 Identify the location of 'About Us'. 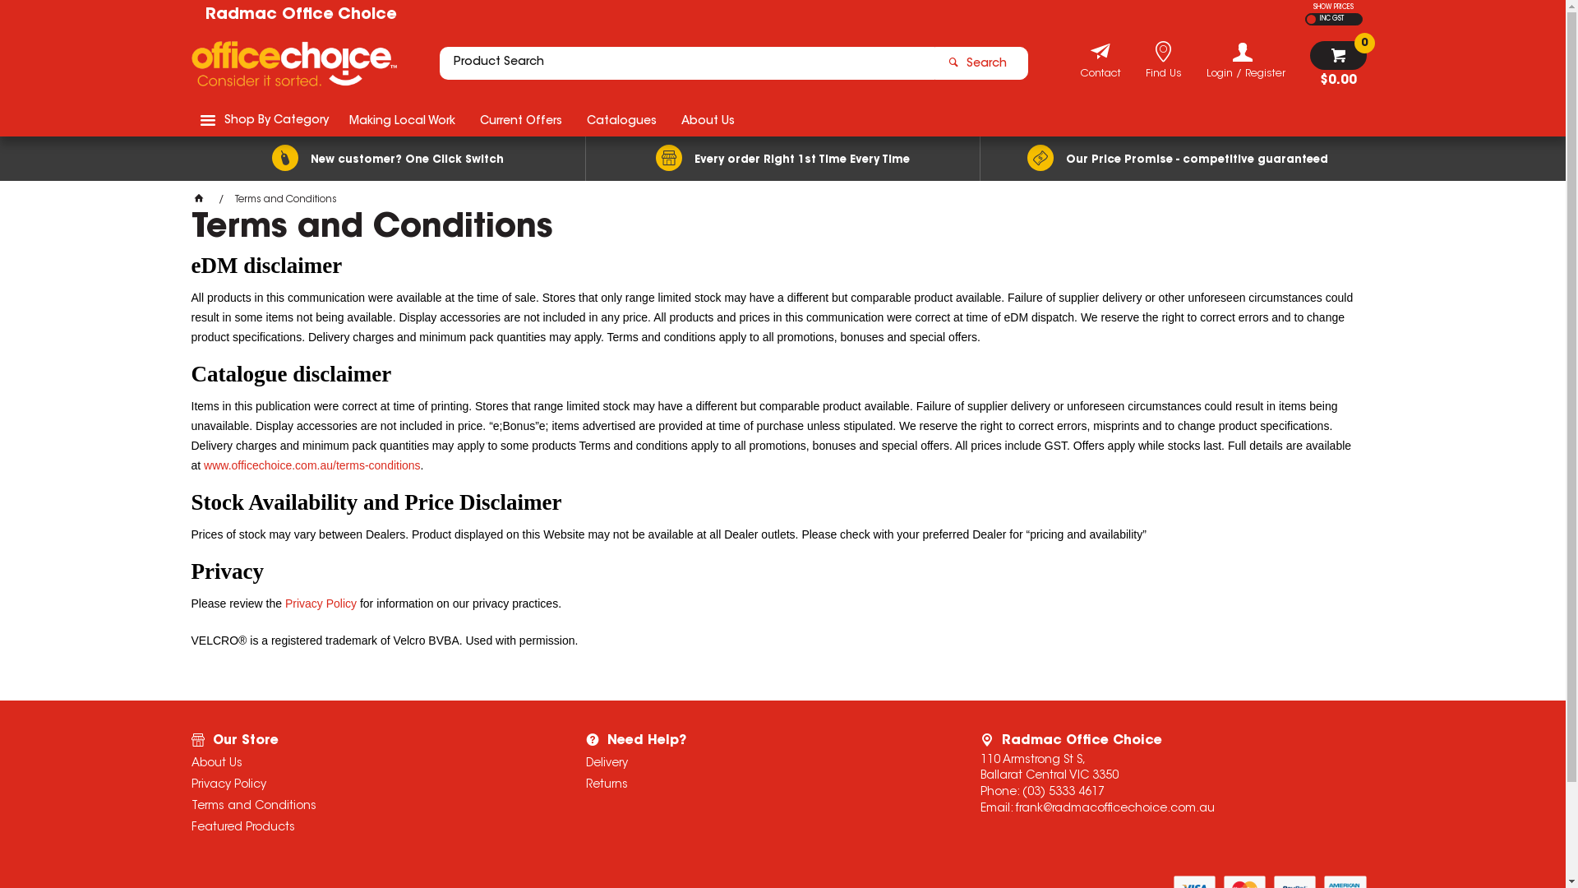
(708, 119).